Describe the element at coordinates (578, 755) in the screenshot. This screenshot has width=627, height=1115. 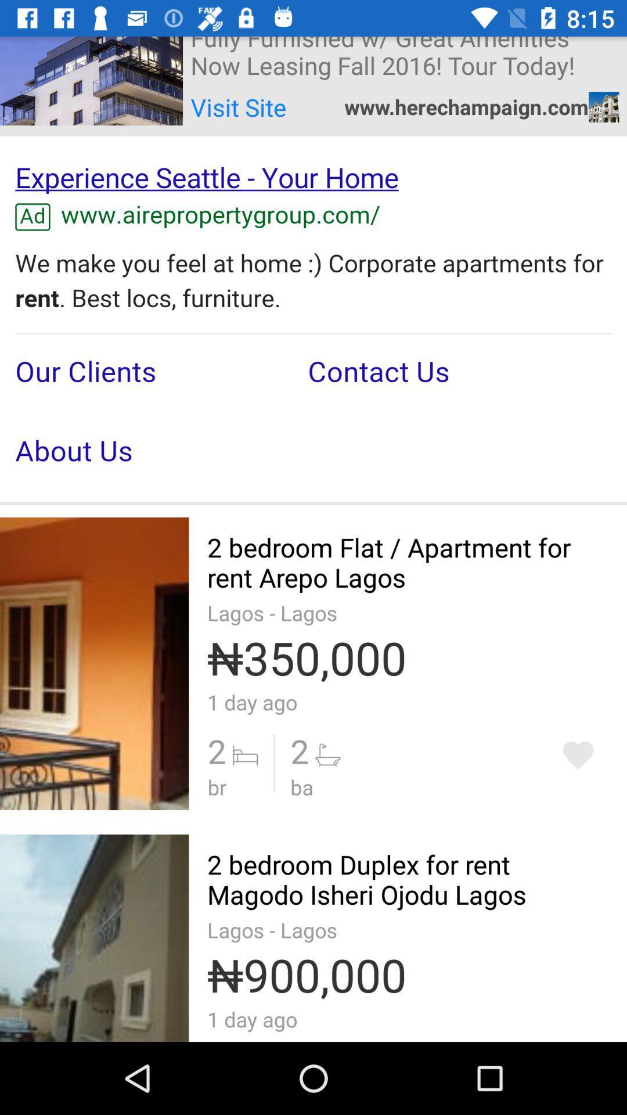
I see `this hotel to your favorites` at that location.